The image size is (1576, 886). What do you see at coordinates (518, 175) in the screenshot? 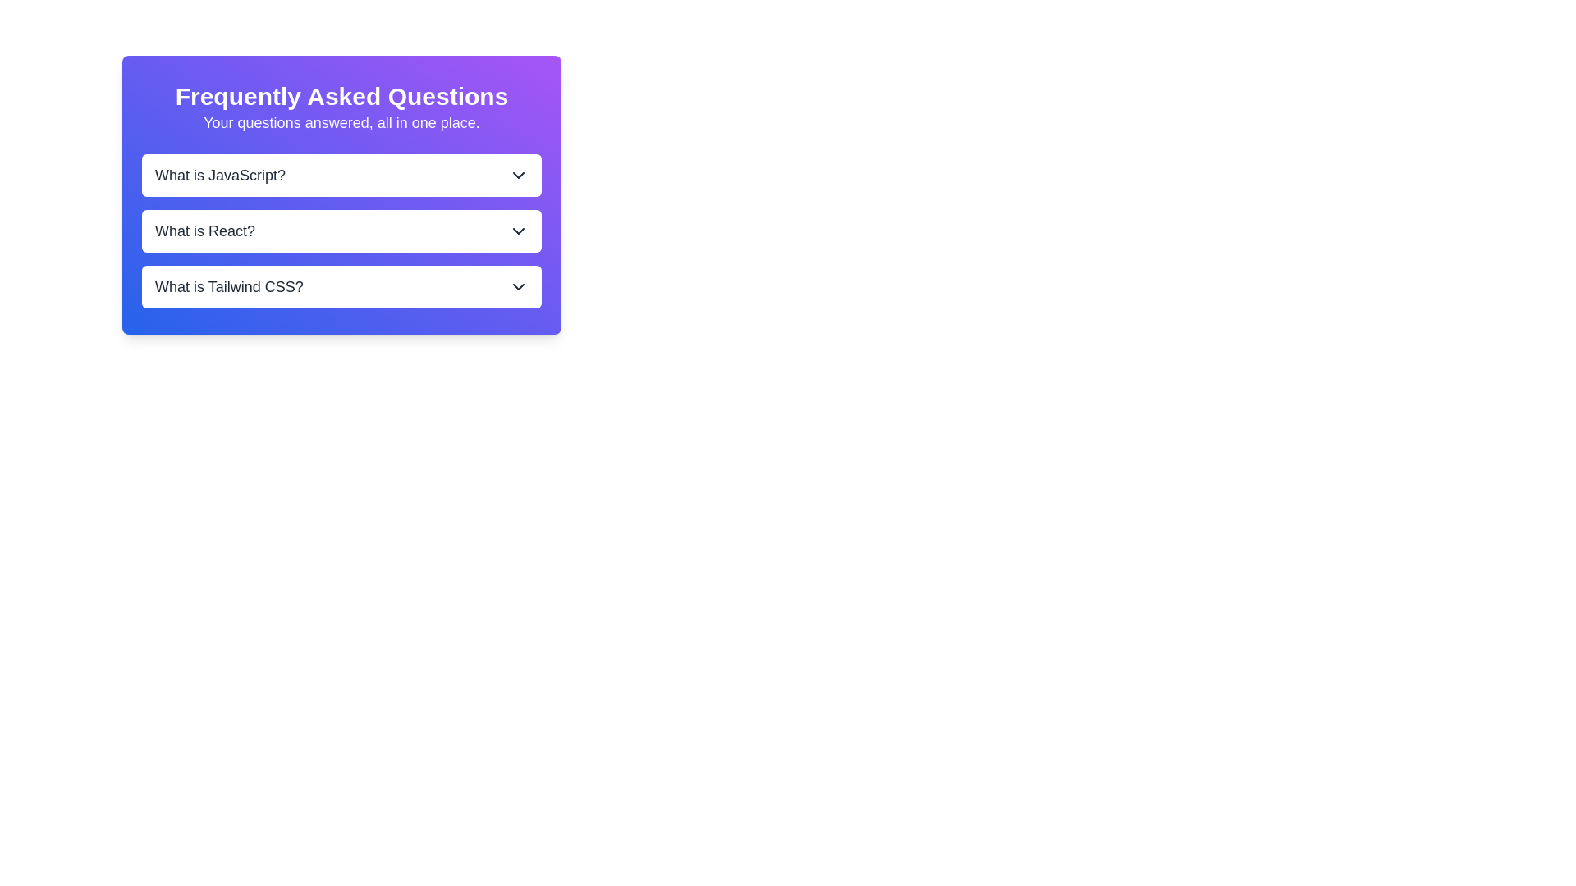
I see `the chevron-down icon located on the right side of the text 'What is JavaScript?'` at bounding box center [518, 175].